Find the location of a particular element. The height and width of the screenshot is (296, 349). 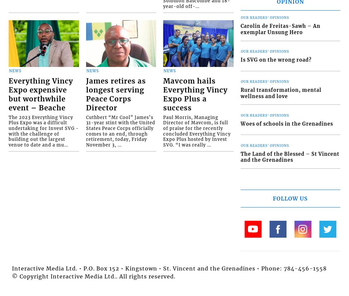

'The Land of the  Blessed – St Vincent and the Grenadines' is located at coordinates (289, 156).